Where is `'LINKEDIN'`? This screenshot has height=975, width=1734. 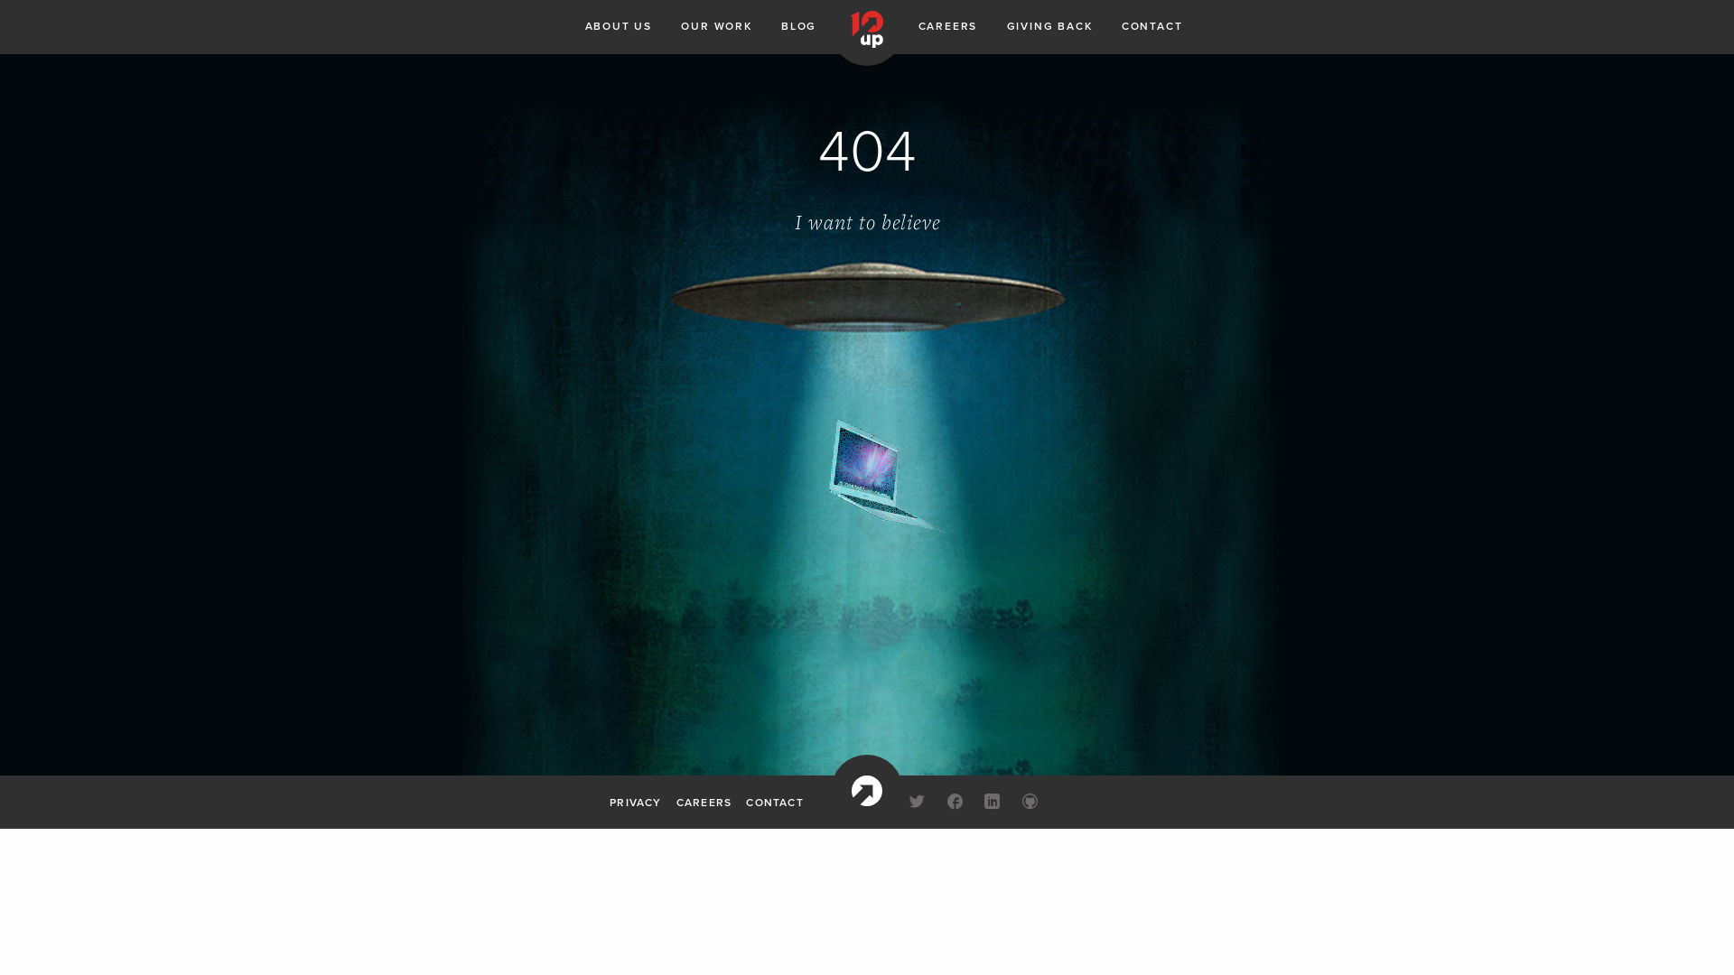 'LINKEDIN' is located at coordinates (992, 803).